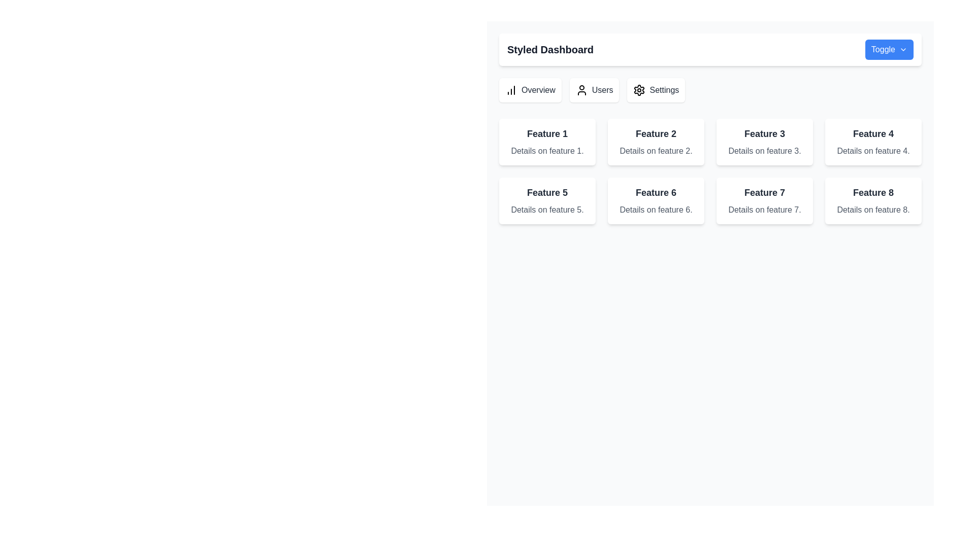 Image resolution: width=975 pixels, height=548 pixels. What do you see at coordinates (547, 201) in the screenshot?
I see `the rectangular card with a white background, containing bold text 'Feature 5' and smaller gray text 'Details on feature 5', located in the leftmost column of the second row` at bounding box center [547, 201].